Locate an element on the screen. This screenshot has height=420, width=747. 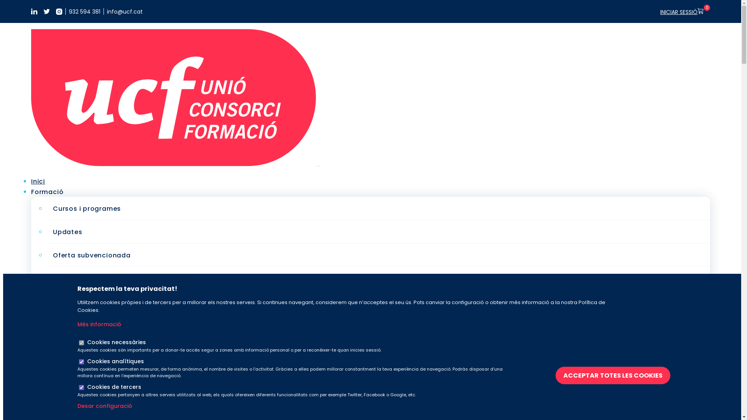
'Inici' is located at coordinates (37, 181).